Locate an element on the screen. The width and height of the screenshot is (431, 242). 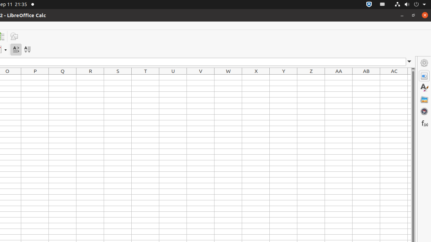
'Draw Functions' is located at coordinates (14, 36).